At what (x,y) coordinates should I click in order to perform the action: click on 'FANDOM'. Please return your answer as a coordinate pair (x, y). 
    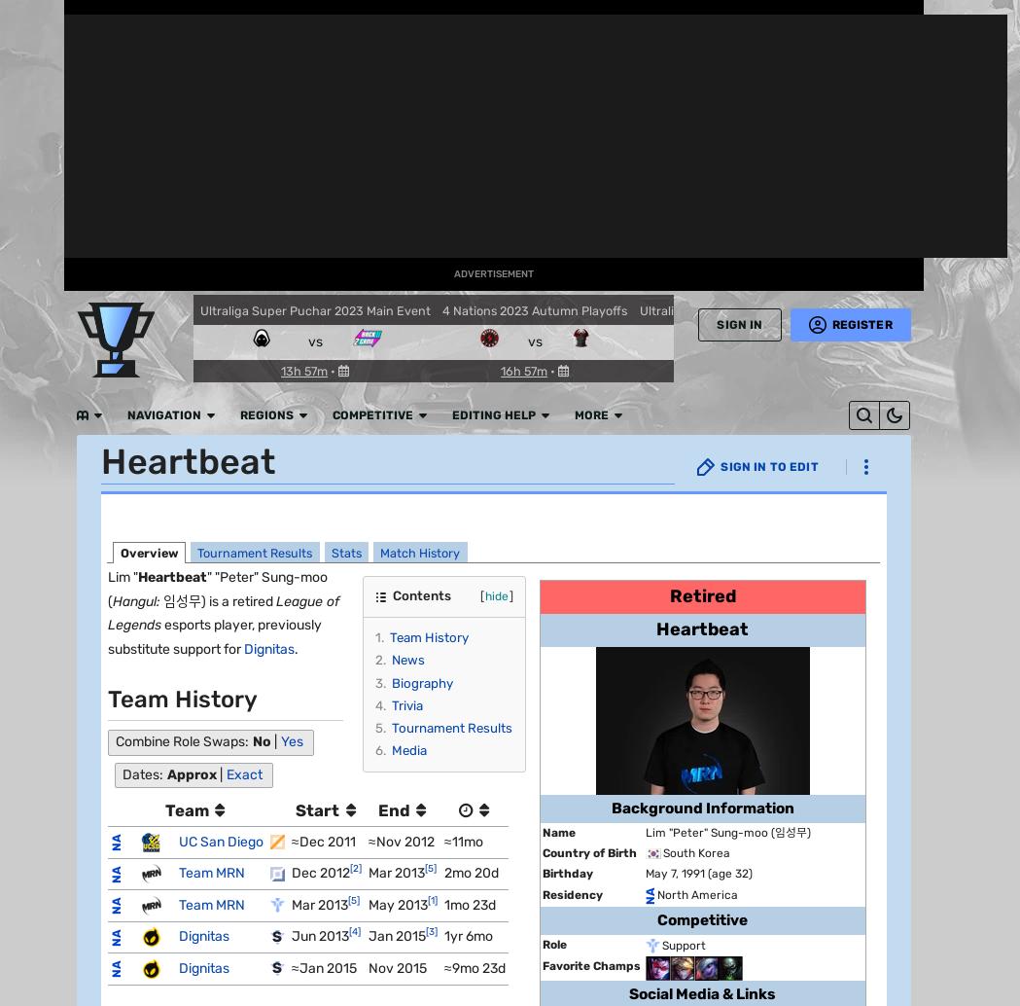
    Looking at the image, I should click on (31, 65).